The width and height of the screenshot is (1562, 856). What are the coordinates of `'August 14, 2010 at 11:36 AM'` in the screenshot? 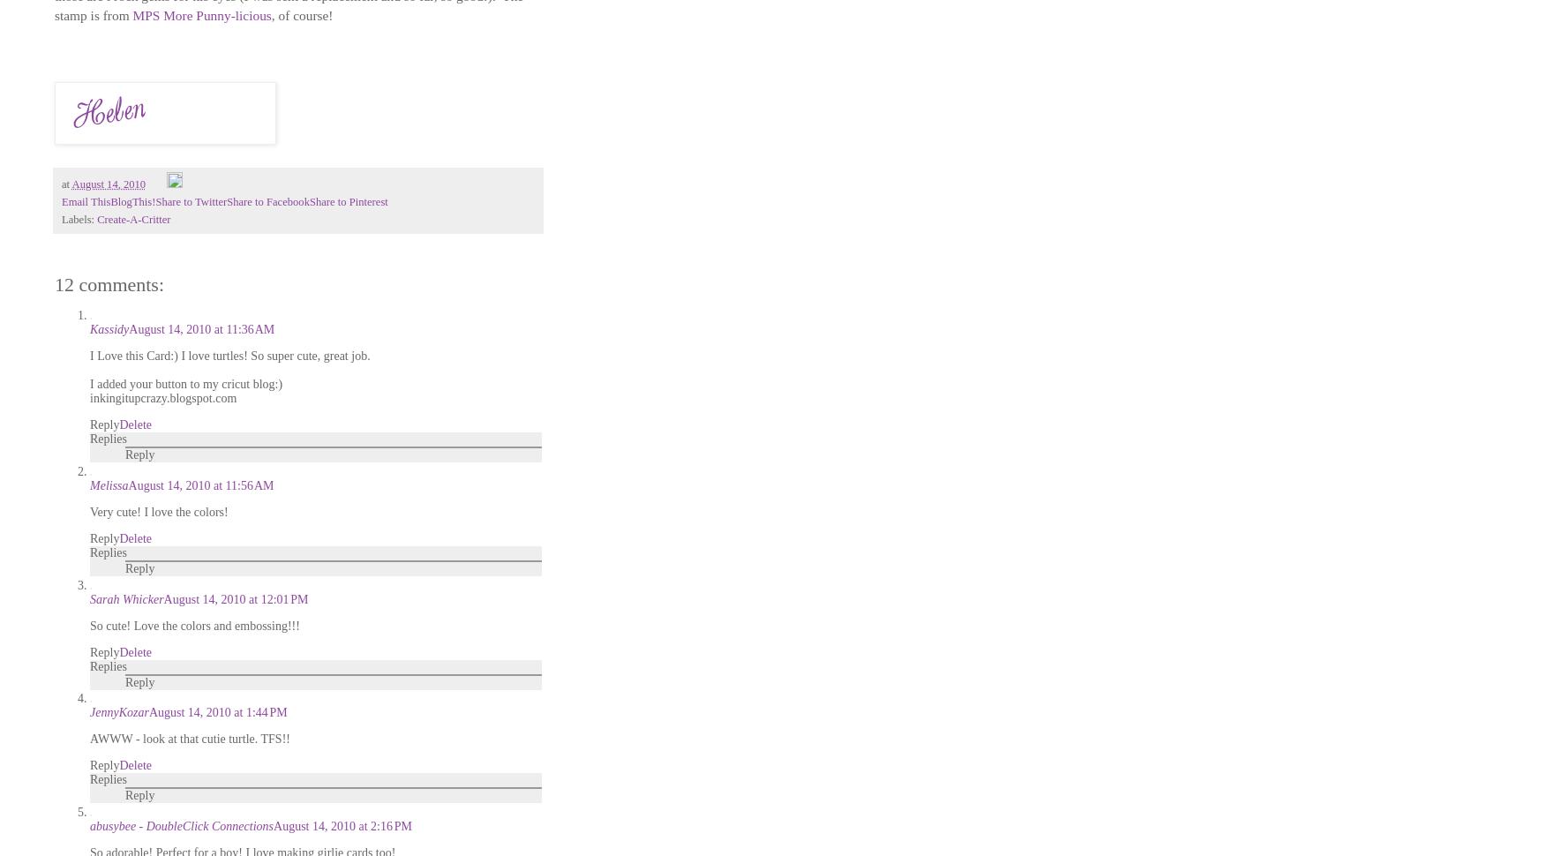 It's located at (201, 328).